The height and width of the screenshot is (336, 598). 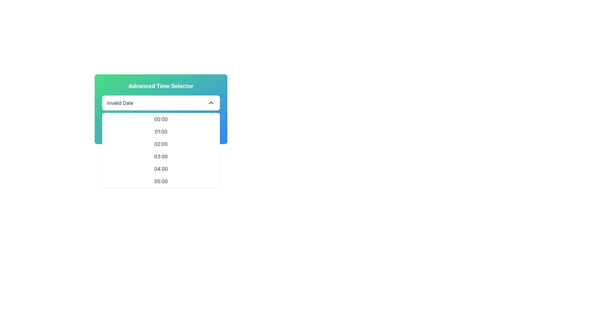 I want to click on the button labeled '12:00' in the Button group located within the 'Quick Select' section for keyboard interaction, so click(x=161, y=130).